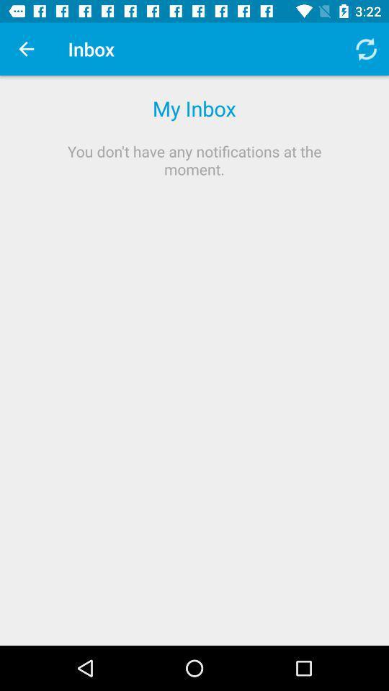 The width and height of the screenshot is (389, 691). What do you see at coordinates (26, 49) in the screenshot?
I see `the item next to the inbox item` at bounding box center [26, 49].